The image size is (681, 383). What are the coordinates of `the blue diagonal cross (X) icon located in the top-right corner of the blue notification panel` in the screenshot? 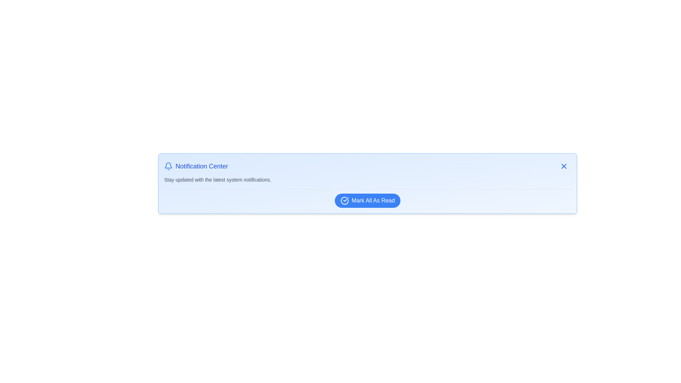 It's located at (563, 166).